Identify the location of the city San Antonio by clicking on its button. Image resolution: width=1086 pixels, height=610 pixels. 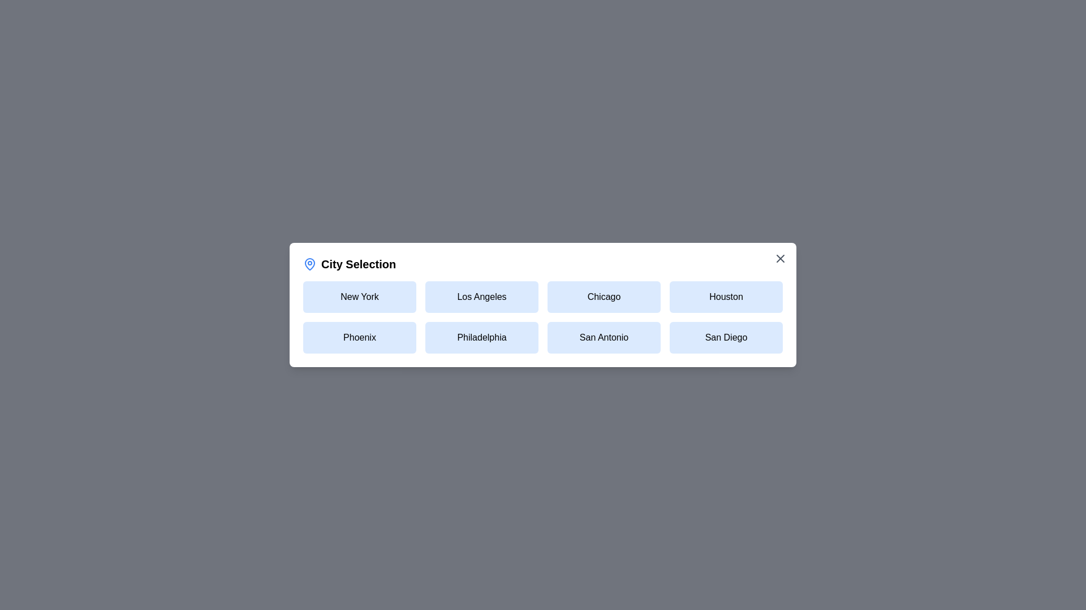
(604, 337).